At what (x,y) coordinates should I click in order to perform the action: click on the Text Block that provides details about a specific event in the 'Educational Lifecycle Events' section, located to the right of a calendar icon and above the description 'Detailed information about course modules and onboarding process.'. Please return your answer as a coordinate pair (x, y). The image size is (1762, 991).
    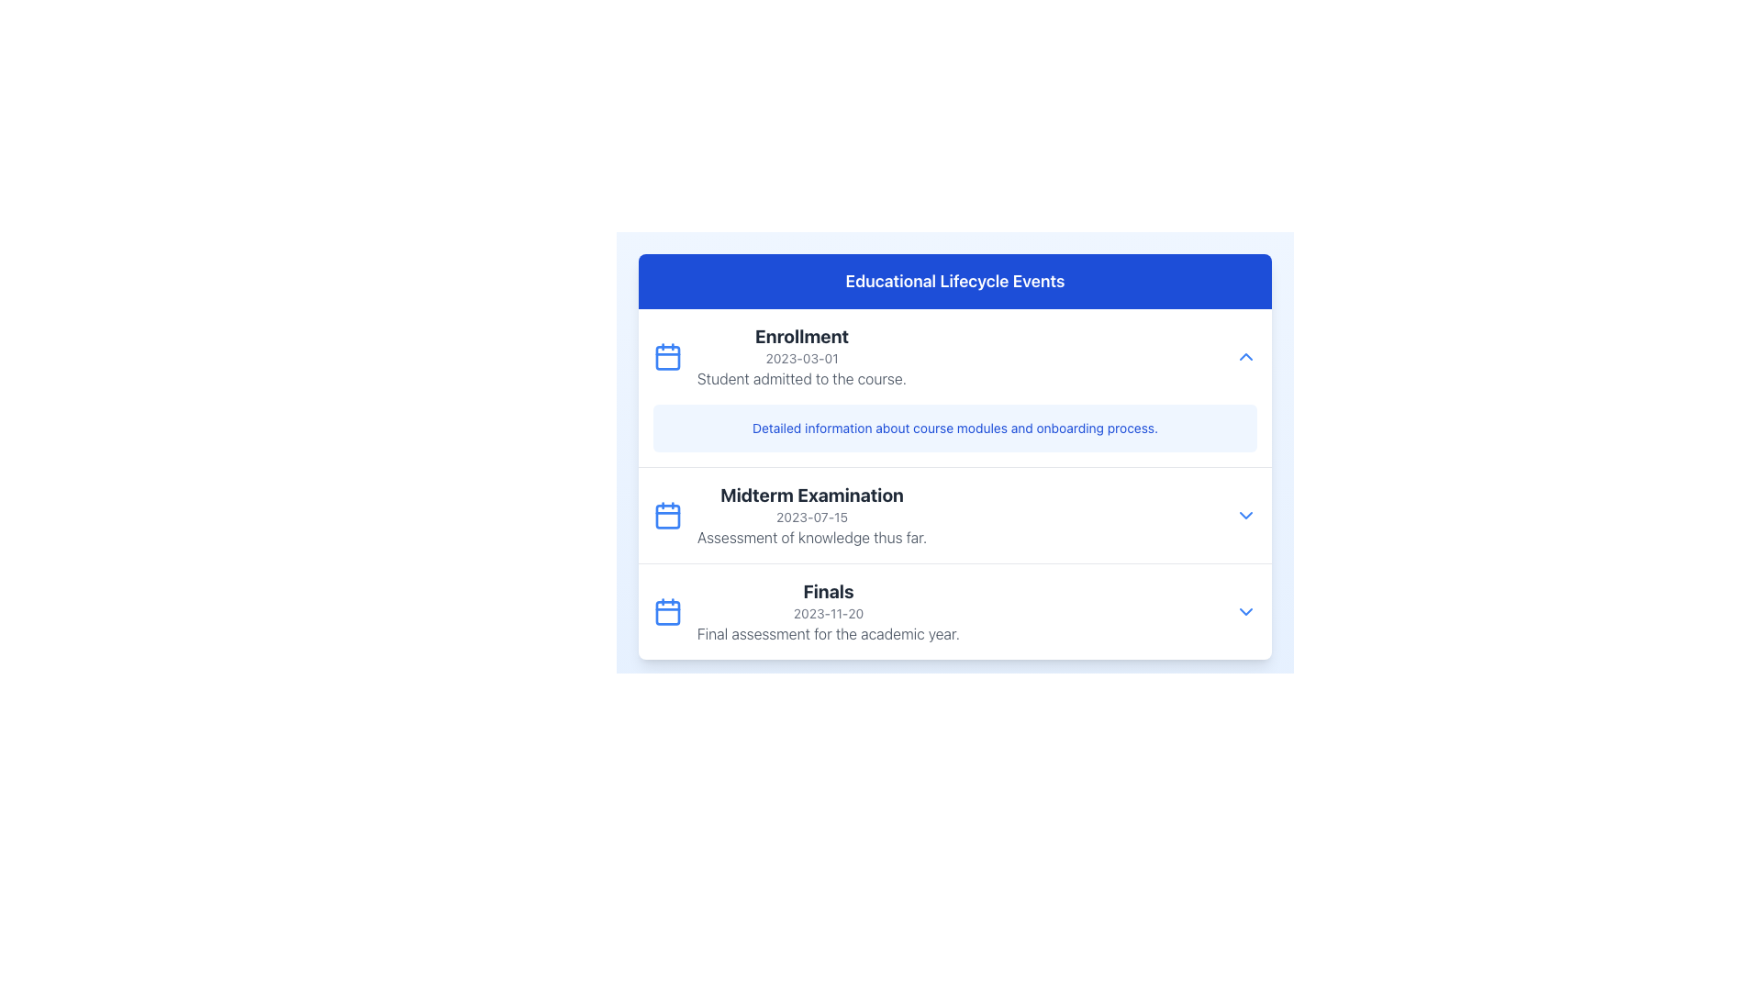
    Looking at the image, I should click on (801, 357).